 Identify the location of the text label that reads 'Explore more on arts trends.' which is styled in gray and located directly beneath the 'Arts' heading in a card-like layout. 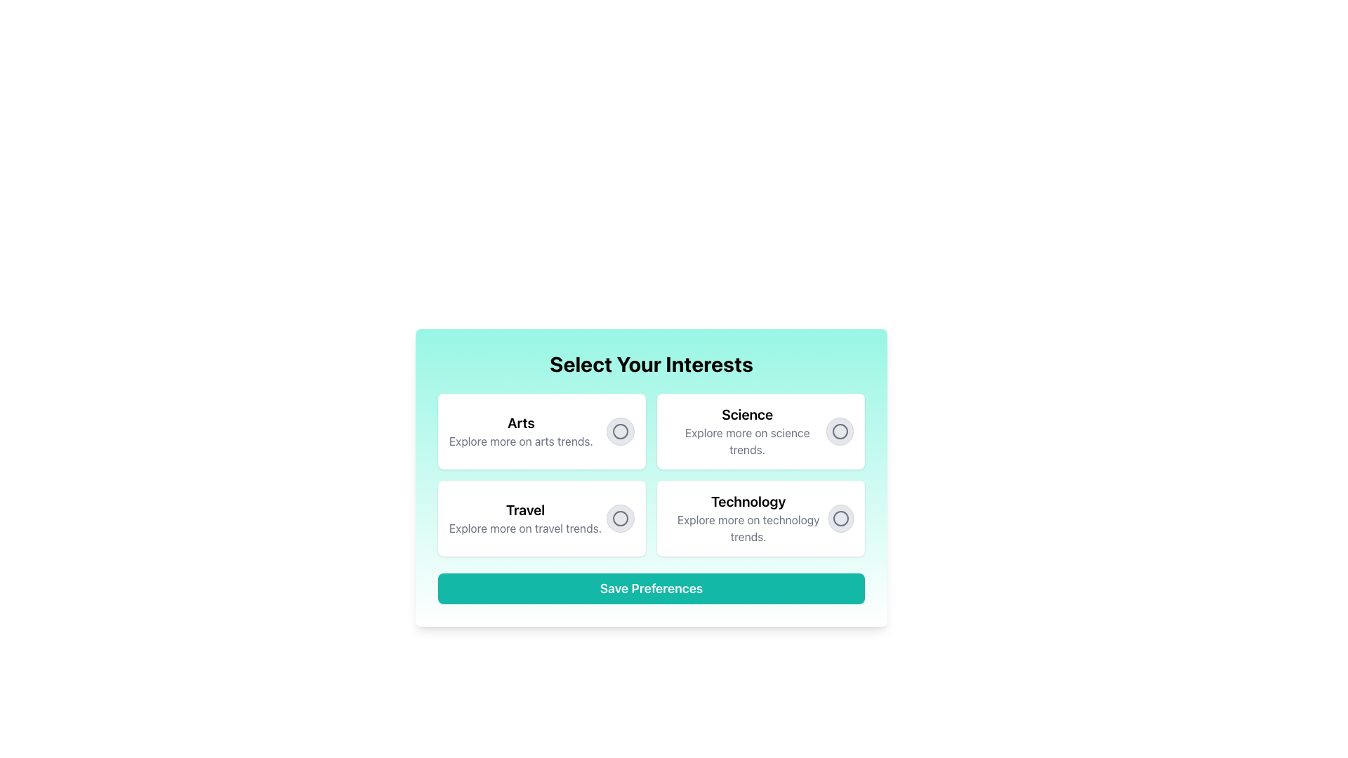
(520, 440).